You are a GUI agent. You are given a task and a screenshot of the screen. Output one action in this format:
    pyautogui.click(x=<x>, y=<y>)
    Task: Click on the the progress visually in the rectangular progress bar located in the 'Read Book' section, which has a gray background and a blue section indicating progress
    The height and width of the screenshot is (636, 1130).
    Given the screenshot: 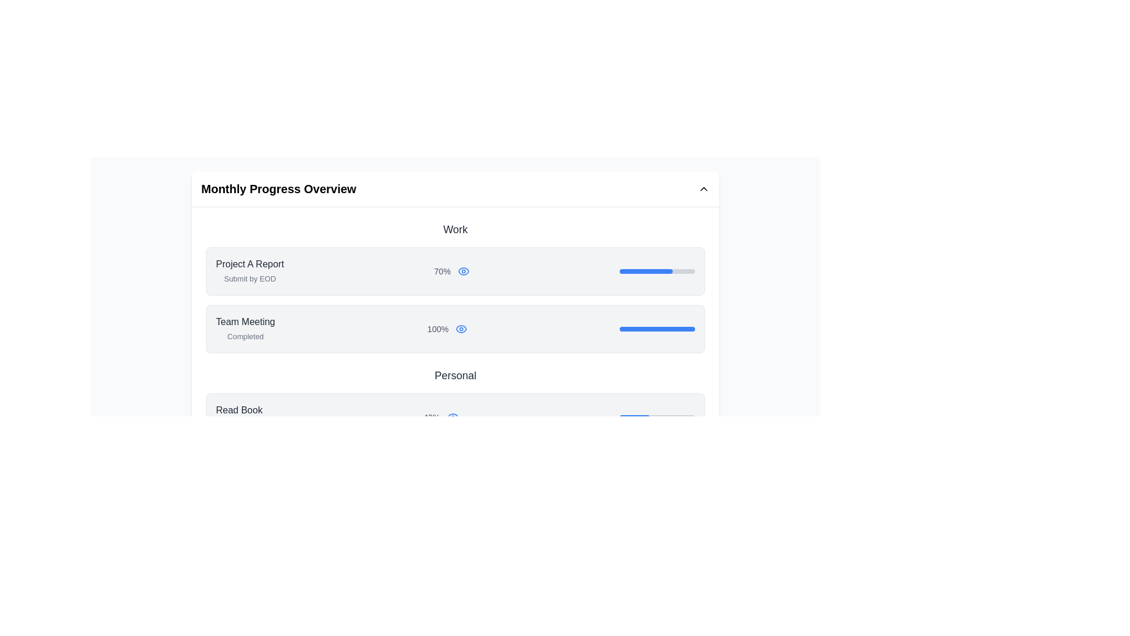 What is the action you would take?
    pyautogui.click(x=657, y=417)
    